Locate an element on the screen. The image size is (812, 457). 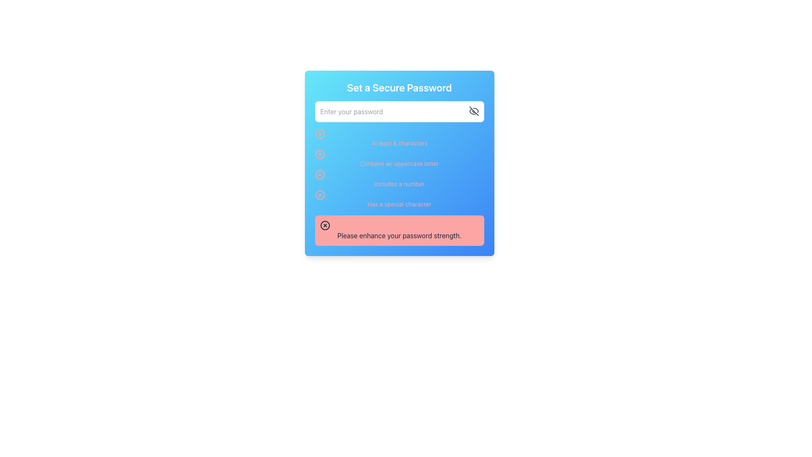
the password requirement indicator text and icon, which specifies that the password must be at least 8 characters long and is positioned below the password input field in the password strength checker section is located at coordinates (399, 138).